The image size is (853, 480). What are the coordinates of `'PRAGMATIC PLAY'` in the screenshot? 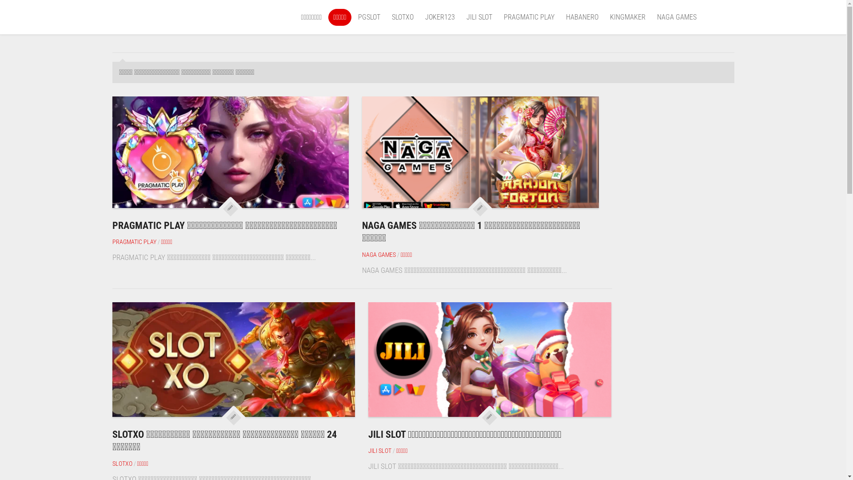 It's located at (112, 241).